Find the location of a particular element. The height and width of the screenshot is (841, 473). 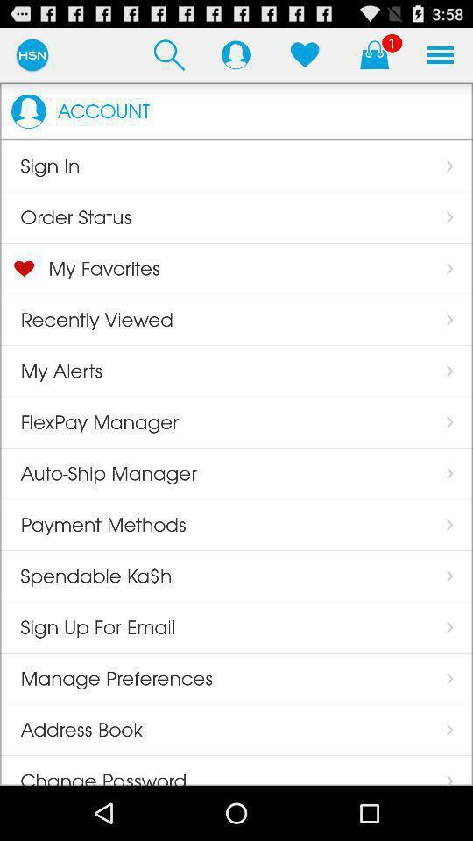

favorites tab is located at coordinates (304, 54).